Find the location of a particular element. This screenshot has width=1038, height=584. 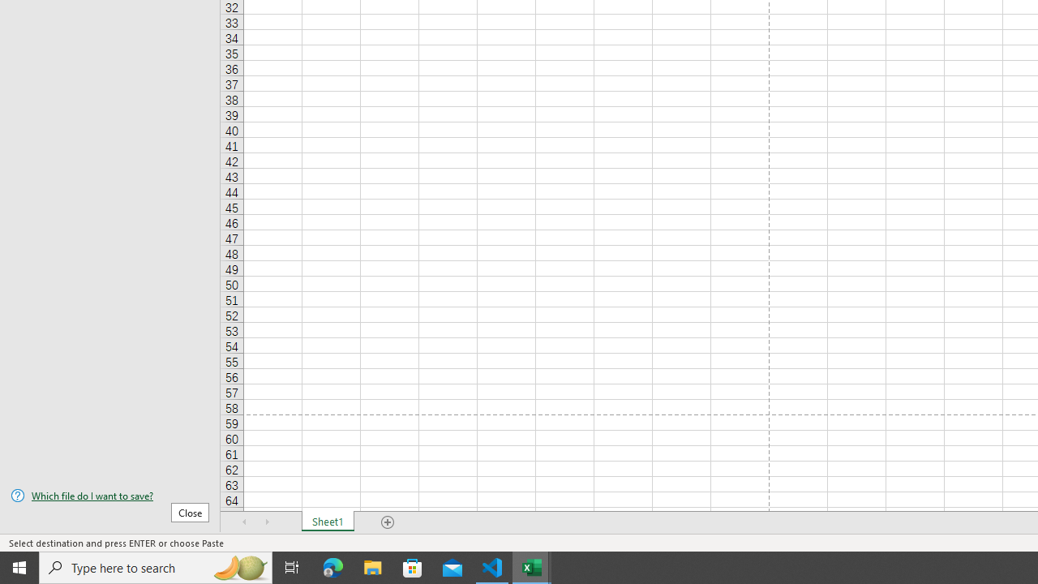

'Scroll Right' is located at coordinates (268, 522).